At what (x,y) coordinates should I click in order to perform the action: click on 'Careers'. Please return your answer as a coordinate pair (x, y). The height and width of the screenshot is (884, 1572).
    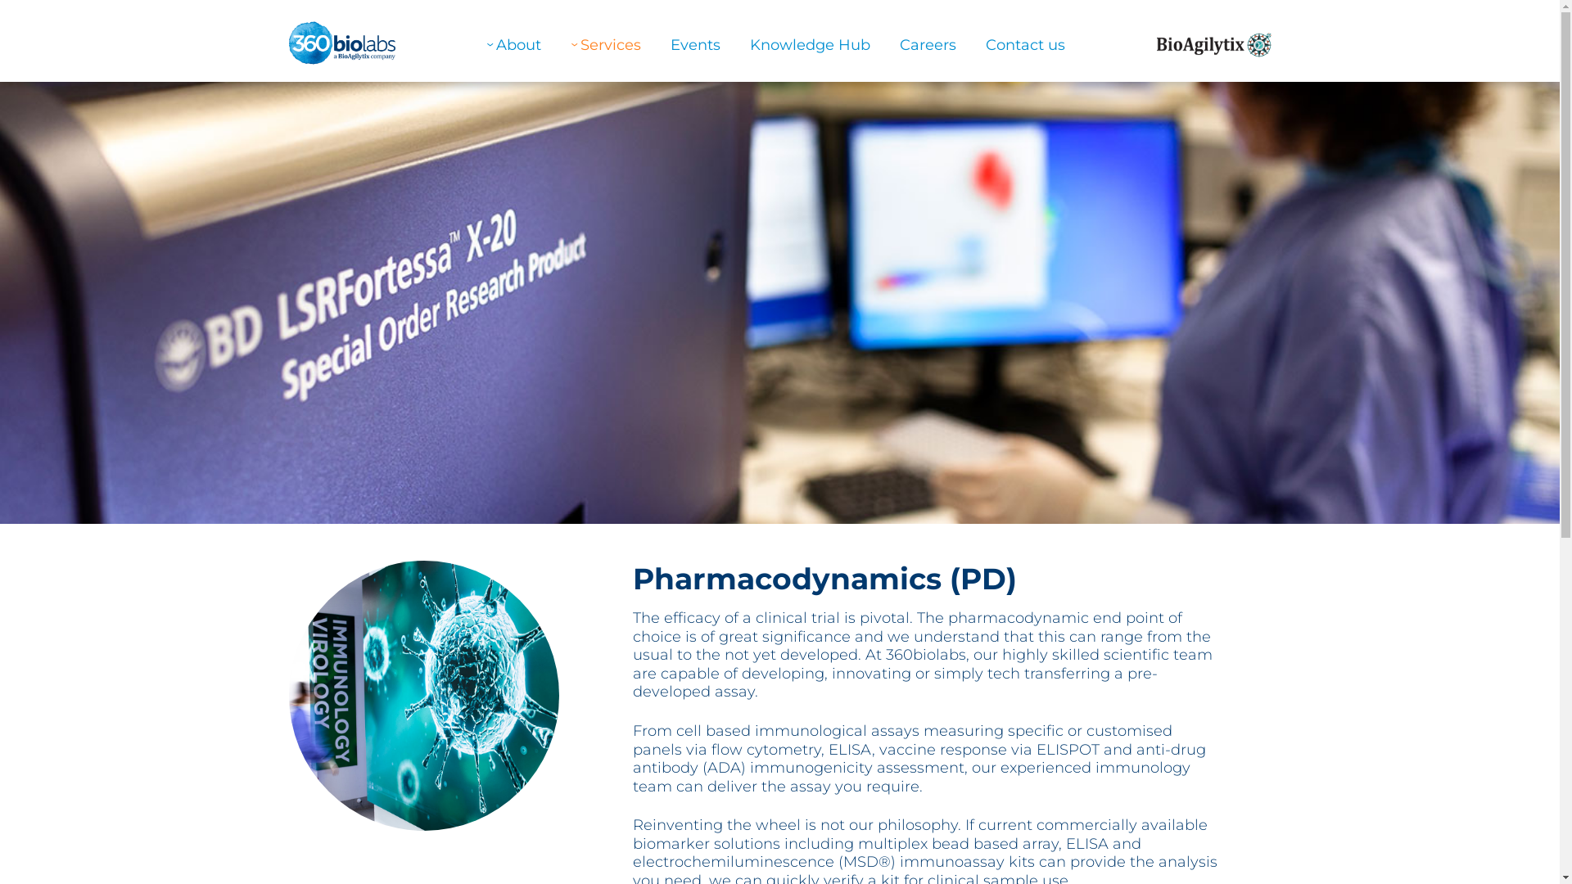
    Looking at the image, I should click on (928, 43).